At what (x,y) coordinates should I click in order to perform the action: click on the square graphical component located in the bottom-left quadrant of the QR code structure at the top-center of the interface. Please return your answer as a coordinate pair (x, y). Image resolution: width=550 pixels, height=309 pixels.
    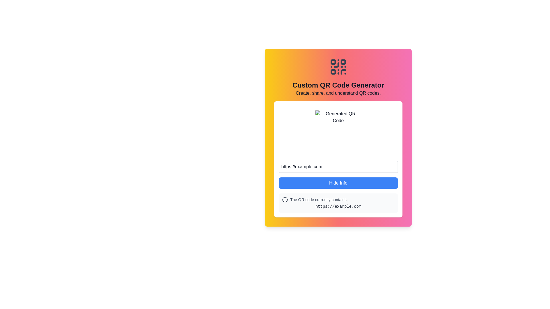
    Looking at the image, I should click on (333, 72).